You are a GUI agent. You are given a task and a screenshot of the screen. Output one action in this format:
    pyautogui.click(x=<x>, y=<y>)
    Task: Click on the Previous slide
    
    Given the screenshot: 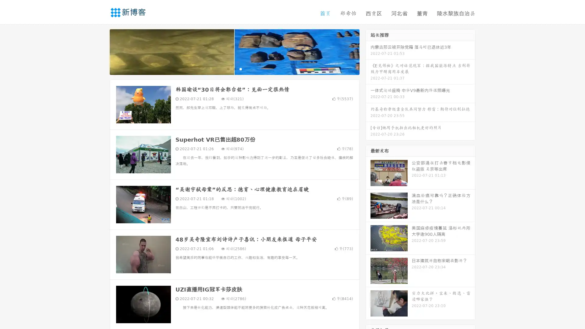 What is the action you would take?
    pyautogui.click(x=101, y=51)
    